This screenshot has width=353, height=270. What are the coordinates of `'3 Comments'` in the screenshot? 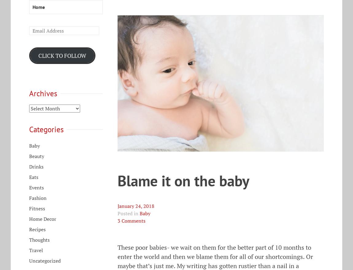 It's located at (131, 220).